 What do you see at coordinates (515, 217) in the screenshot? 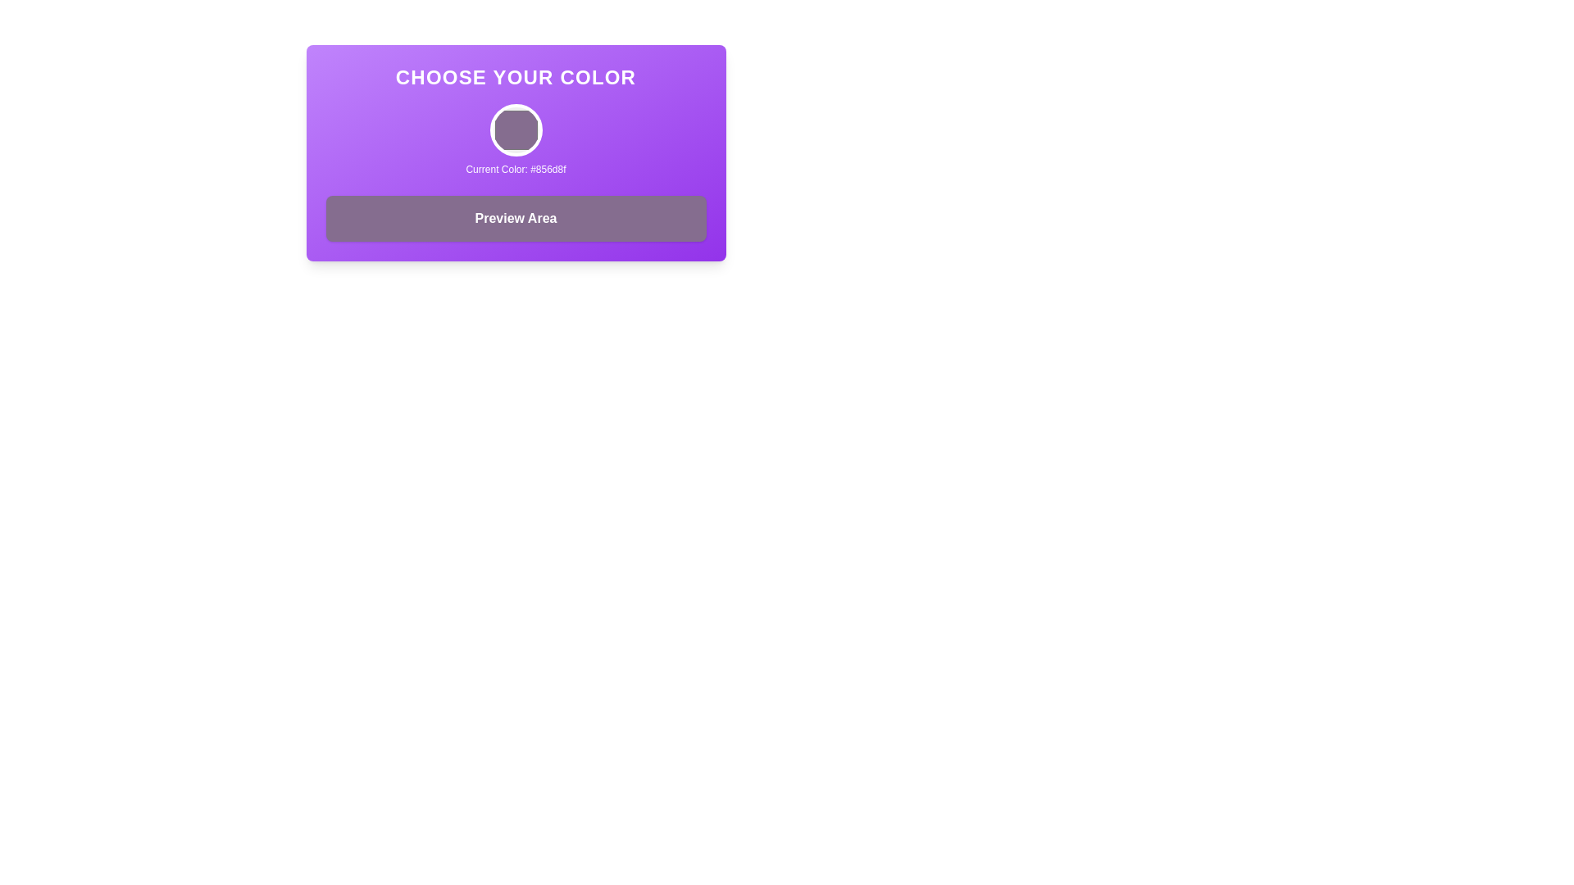
I see `the 'Preview Area' Text Display Box, which is a rectangular area with a rounded border and a purple background, containing the text 'Preview Area' in white, bold sans-serif font` at bounding box center [515, 217].